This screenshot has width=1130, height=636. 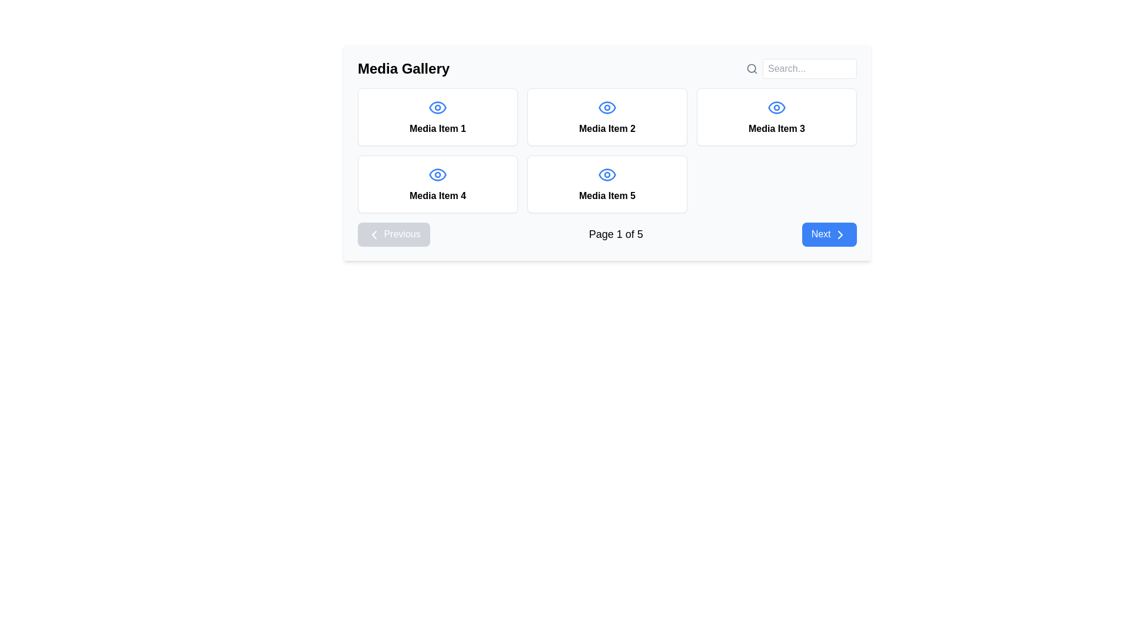 What do you see at coordinates (404, 68) in the screenshot?
I see `the 'Media Gallery' text label, which is a bold, large-size text in black on a white background located in the header section of the interface` at bounding box center [404, 68].